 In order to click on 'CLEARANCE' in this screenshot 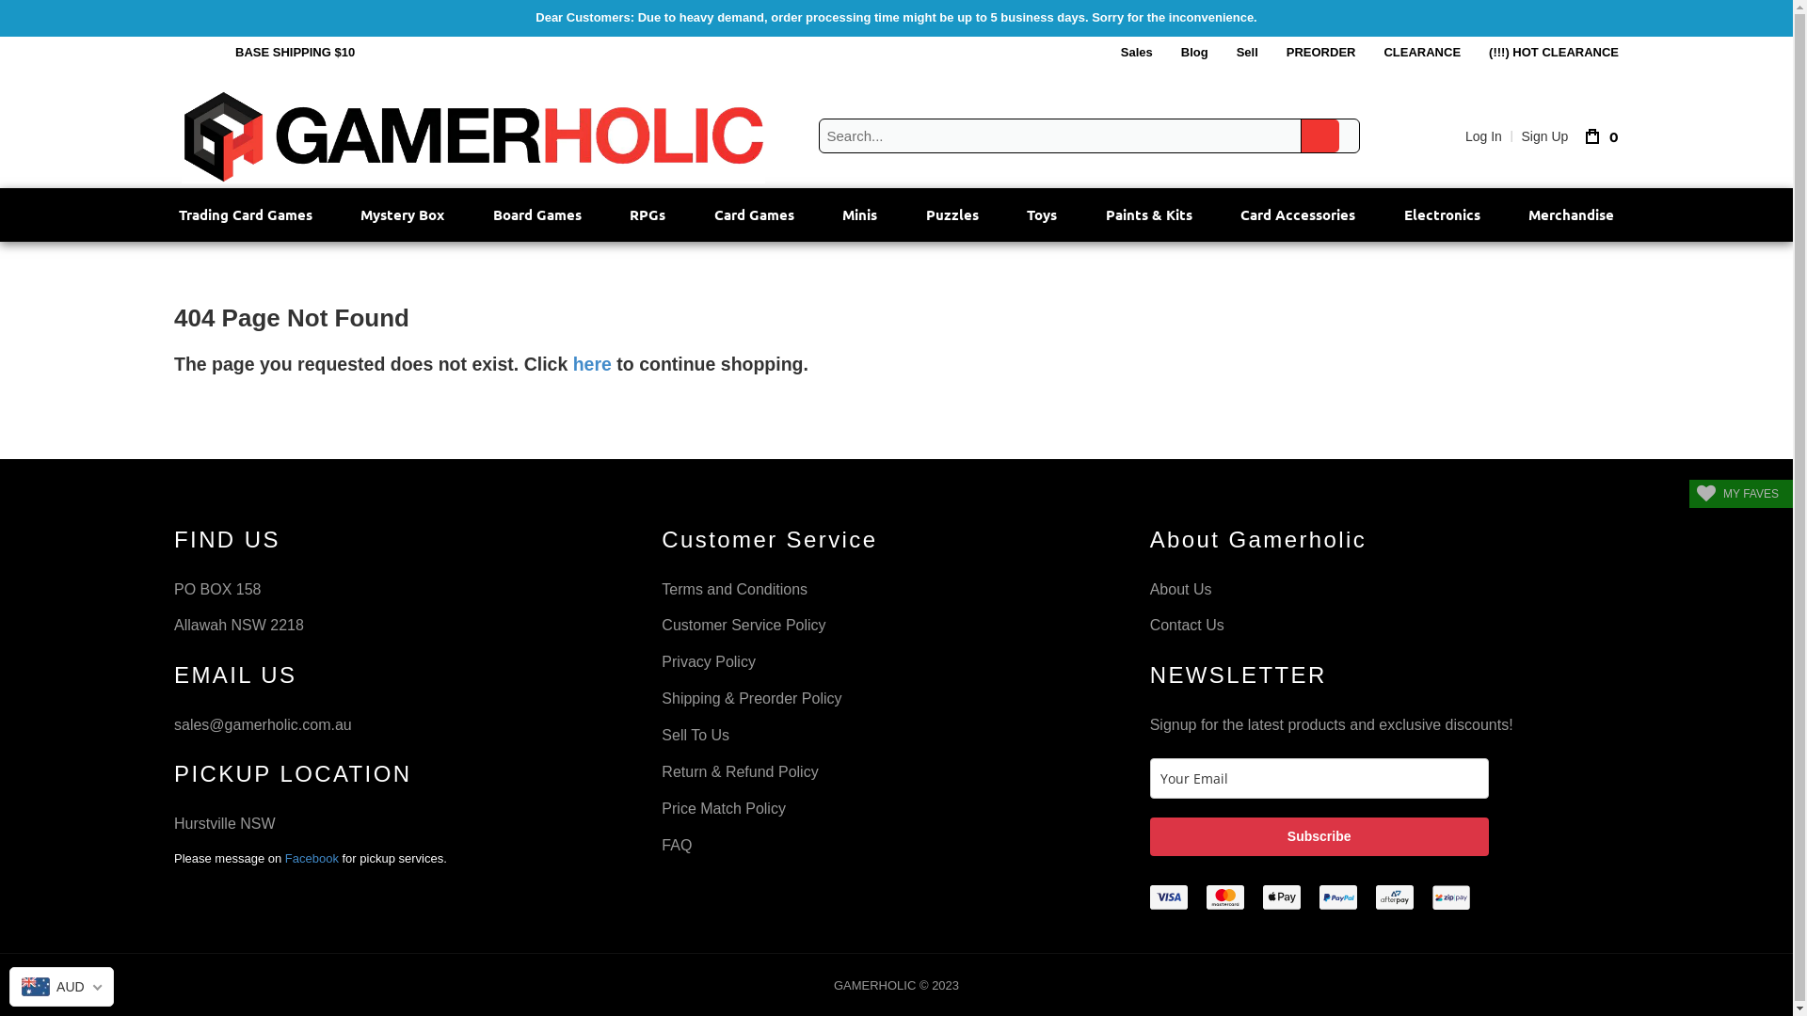, I will do `click(1422, 53)`.